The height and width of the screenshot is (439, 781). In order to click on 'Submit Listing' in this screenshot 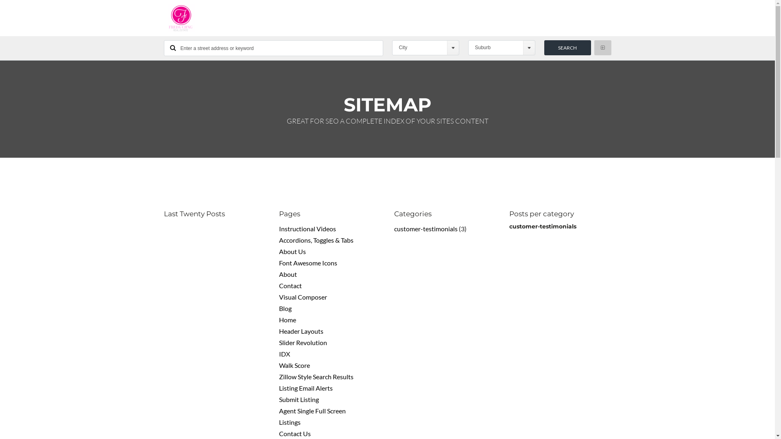, I will do `click(298, 399)`.